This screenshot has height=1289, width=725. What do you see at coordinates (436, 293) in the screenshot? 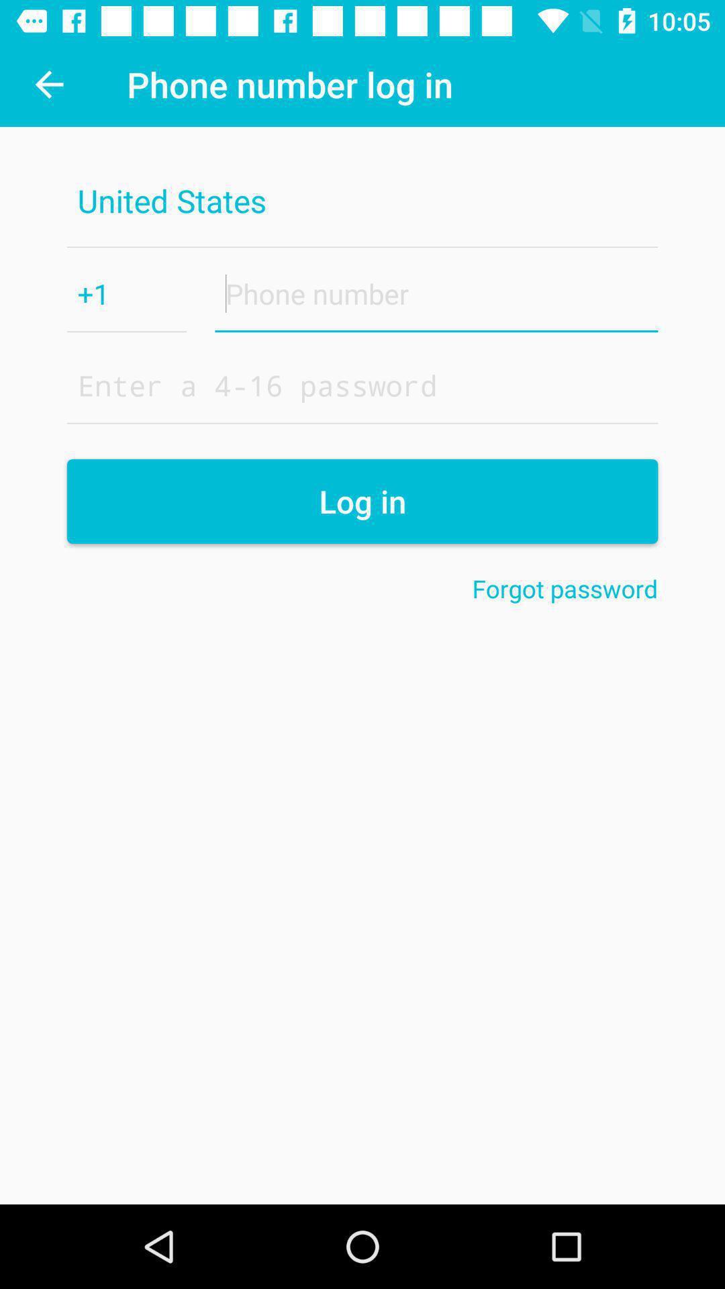
I see `the item to the right of the +1 icon` at bounding box center [436, 293].